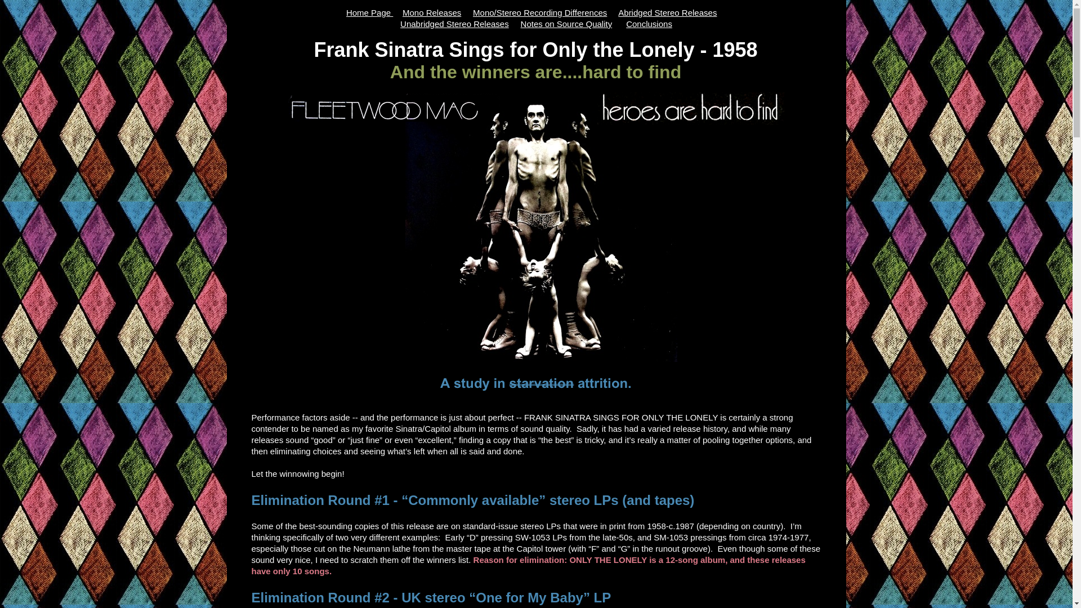 This screenshot has height=608, width=1081. Describe the element at coordinates (649, 24) in the screenshot. I see `'Conclusions'` at that location.